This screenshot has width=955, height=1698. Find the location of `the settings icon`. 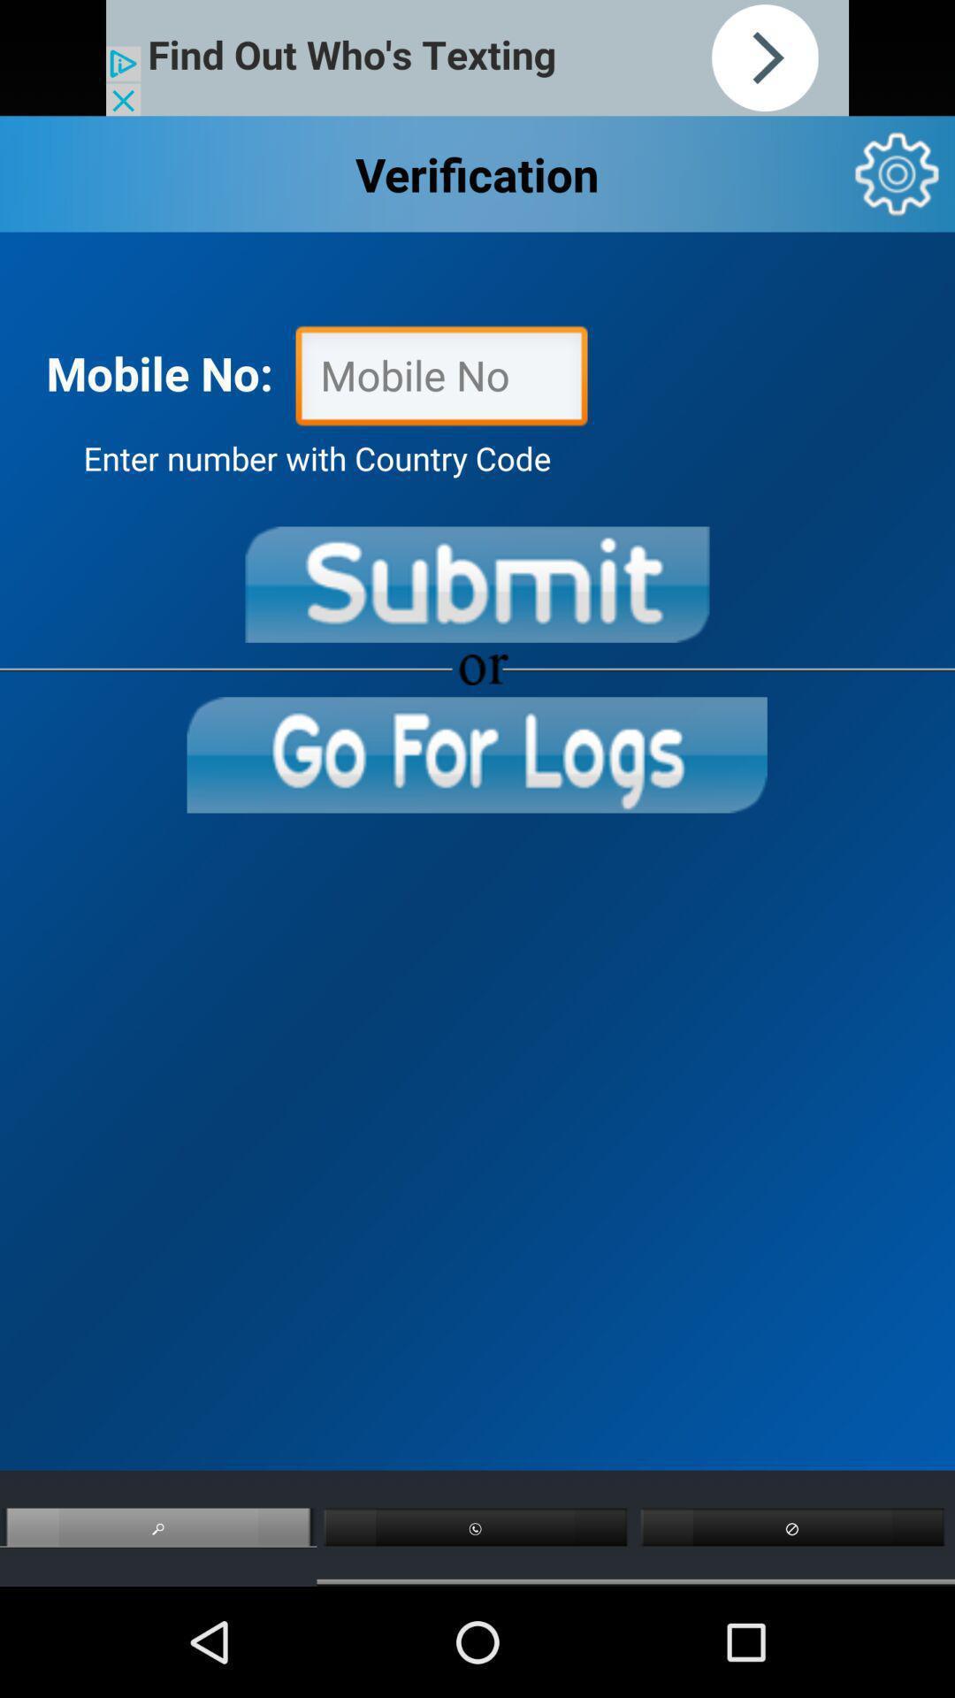

the settings icon is located at coordinates (897, 186).